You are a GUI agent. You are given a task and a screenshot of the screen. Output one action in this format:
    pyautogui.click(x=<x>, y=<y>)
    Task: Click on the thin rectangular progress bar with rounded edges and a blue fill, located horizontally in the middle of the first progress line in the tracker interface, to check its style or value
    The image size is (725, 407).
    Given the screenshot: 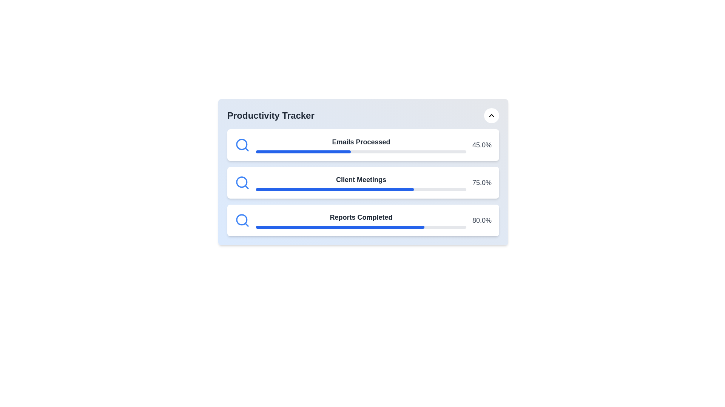 What is the action you would take?
    pyautogui.click(x=303, y=151)
    